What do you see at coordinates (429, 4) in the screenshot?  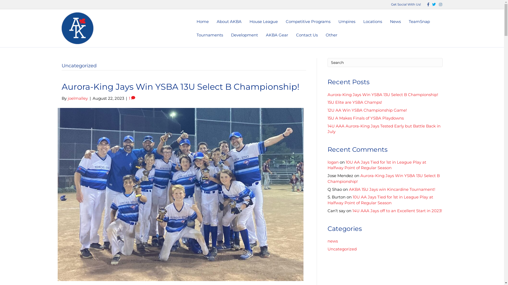 I see `'Twitter'` at bounding box center [429, 4].